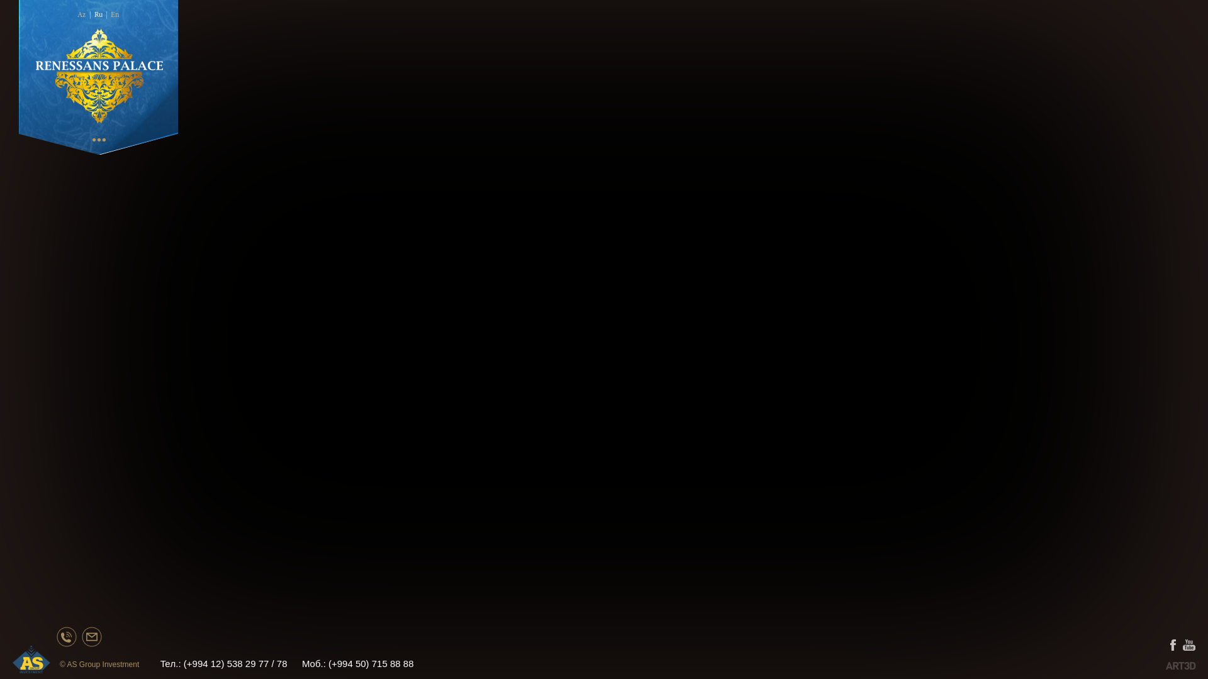 The width and height of the screenshot is (1208, 679). I want to click on 'Az', so click(81, 14).